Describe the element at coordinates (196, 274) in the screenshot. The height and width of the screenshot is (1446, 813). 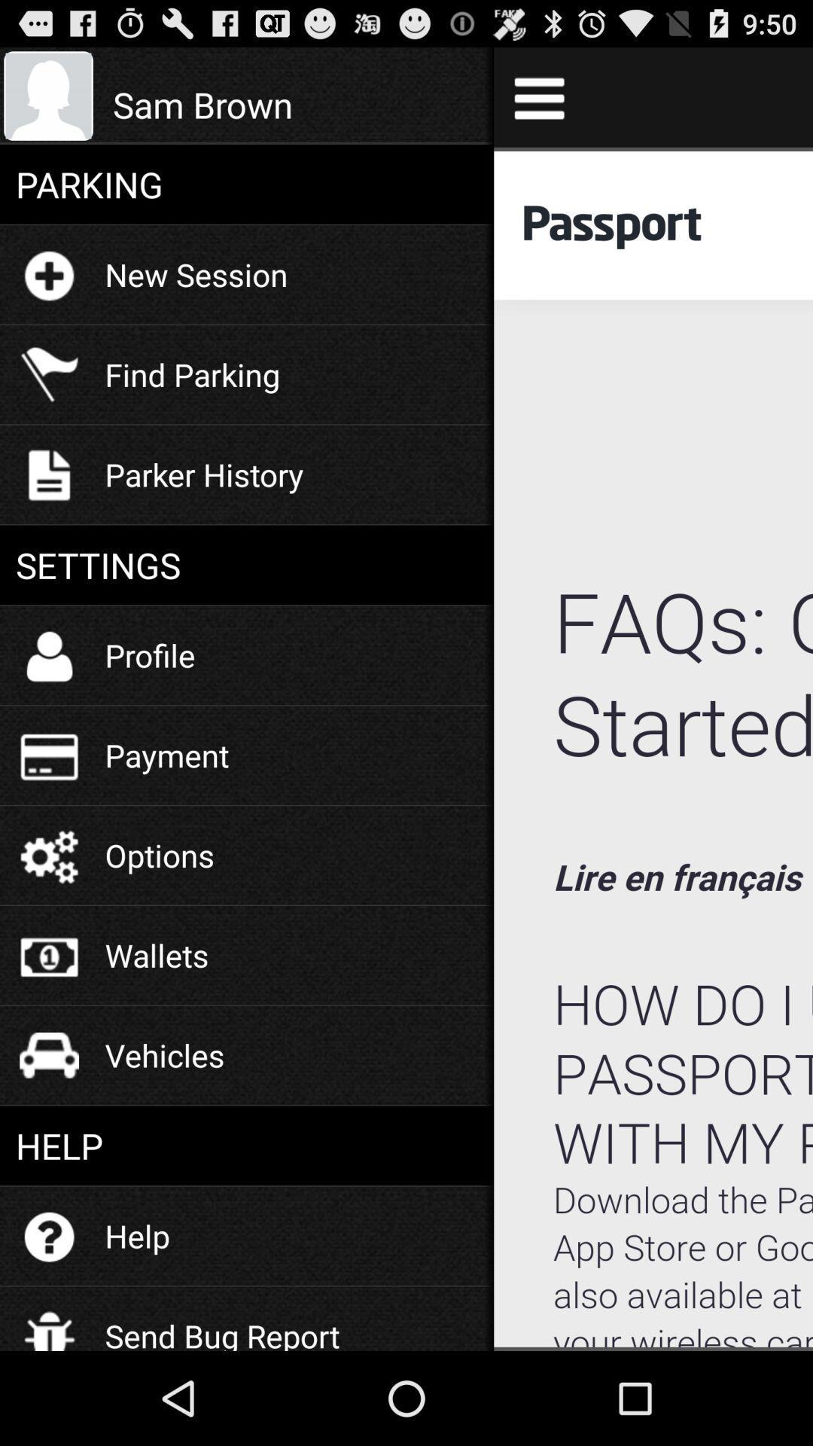
I see `the new session` at that location.